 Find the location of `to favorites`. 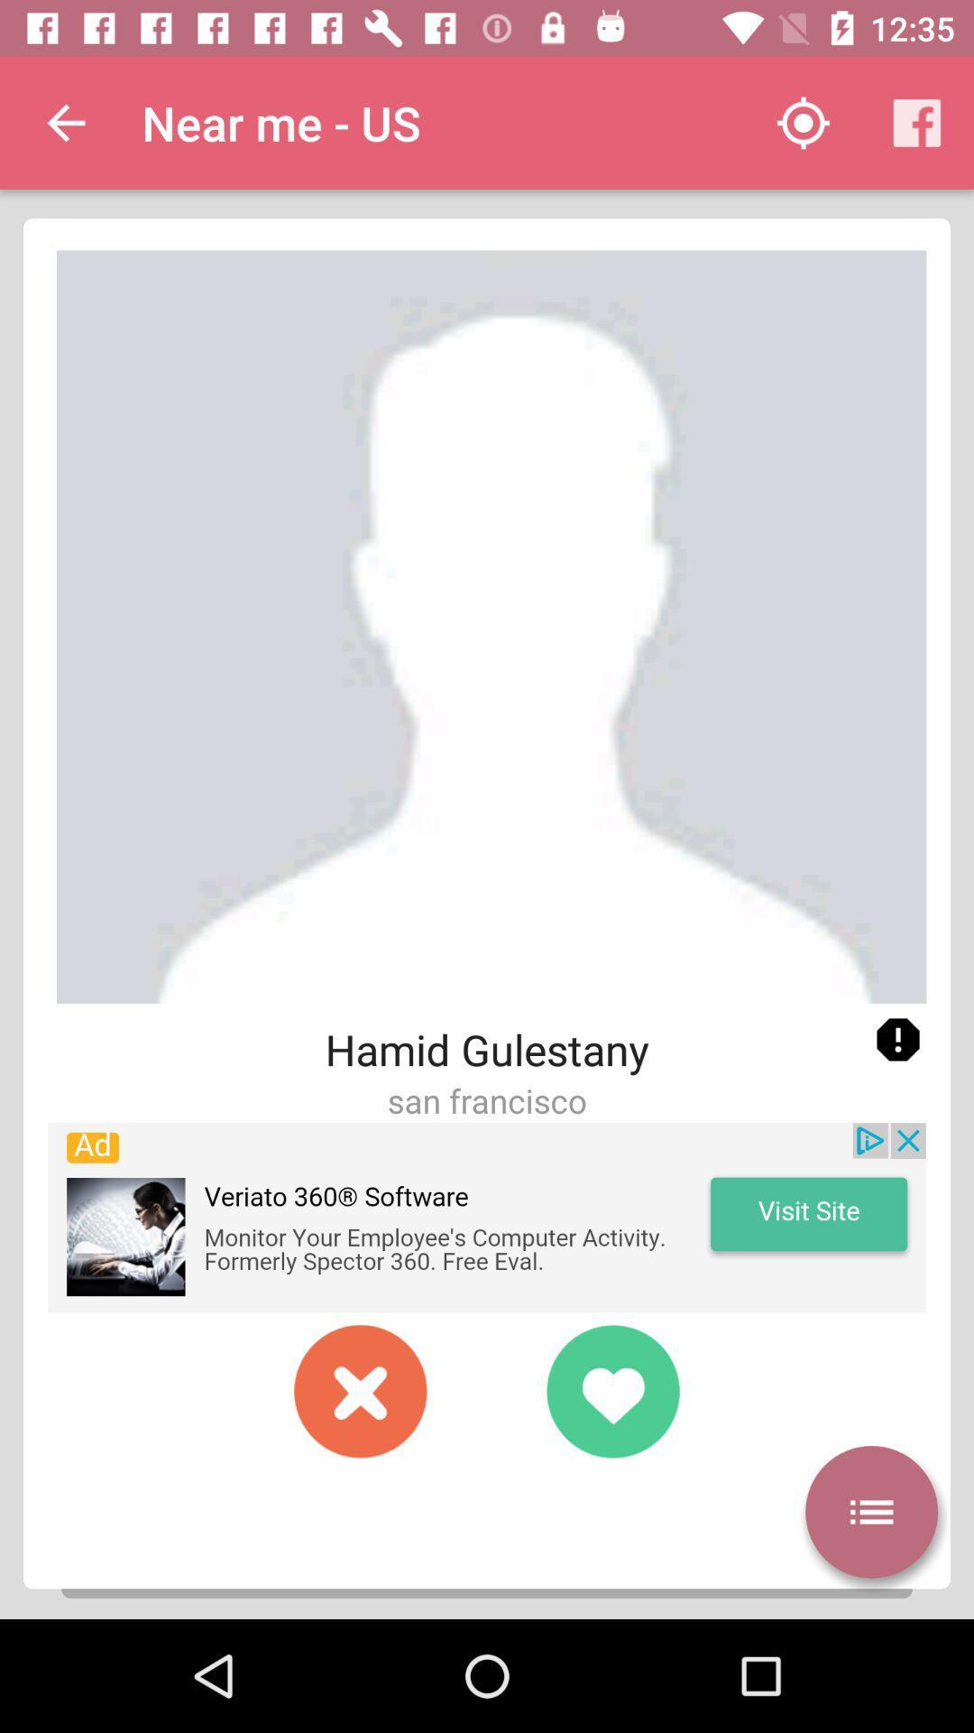

to favorites is located at coordinates (611, 1390).